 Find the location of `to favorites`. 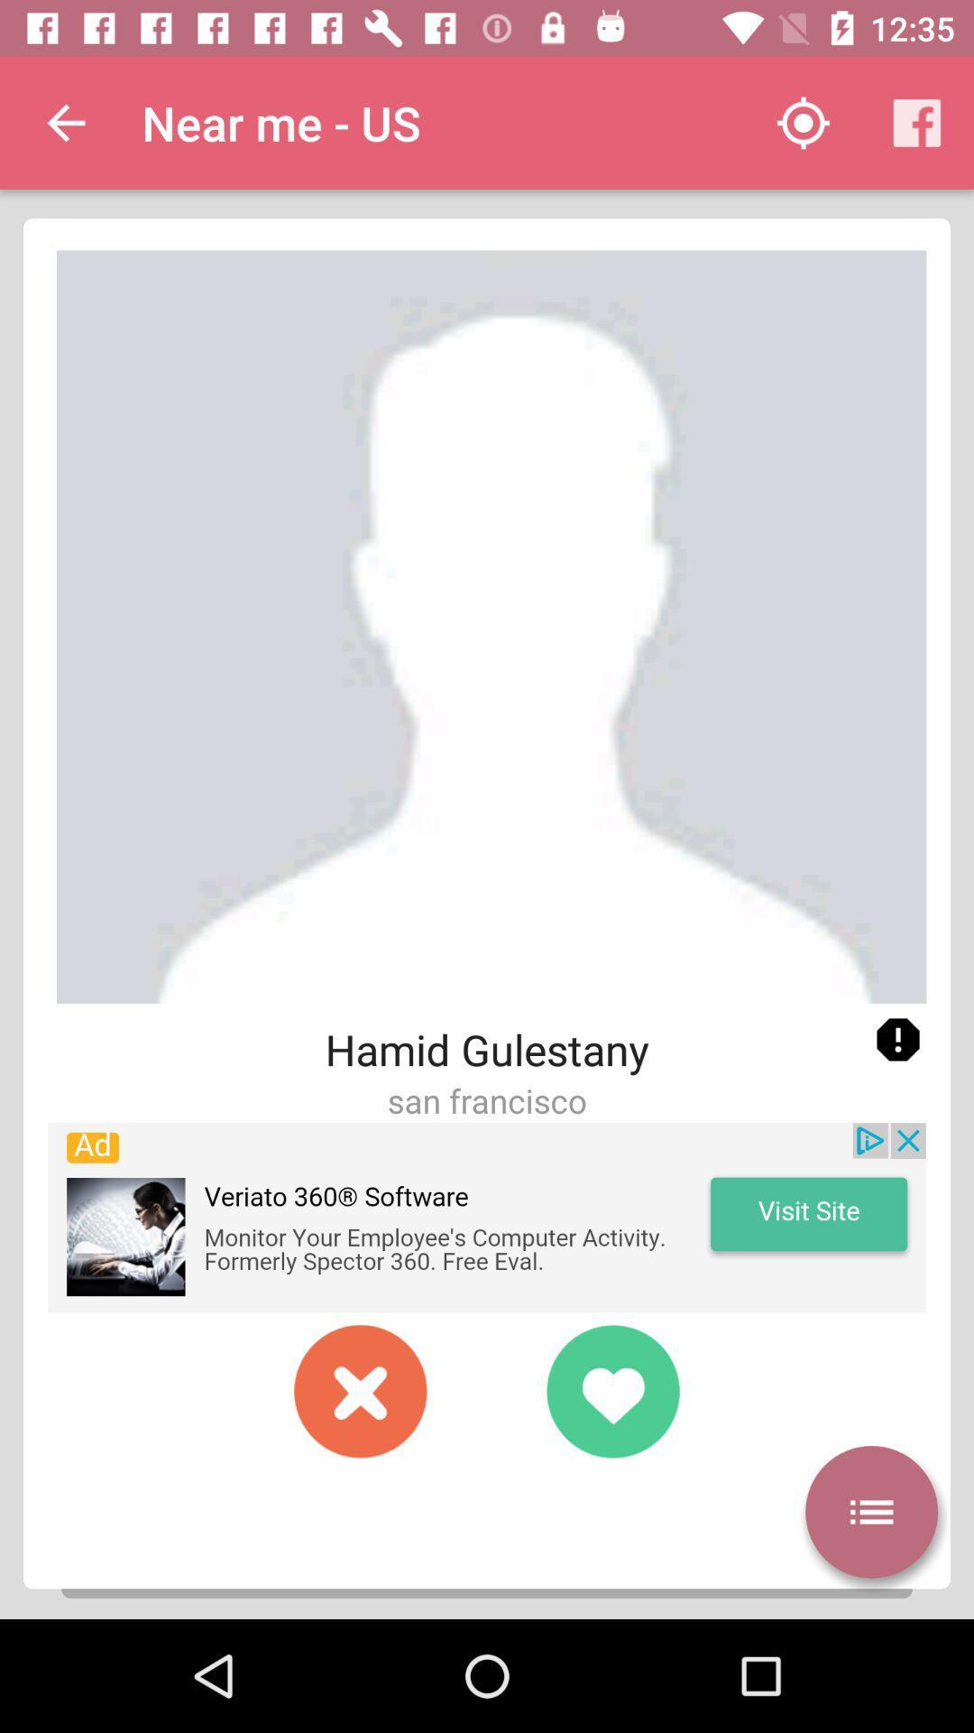

to favorites is located at coordinates (611, 1390).